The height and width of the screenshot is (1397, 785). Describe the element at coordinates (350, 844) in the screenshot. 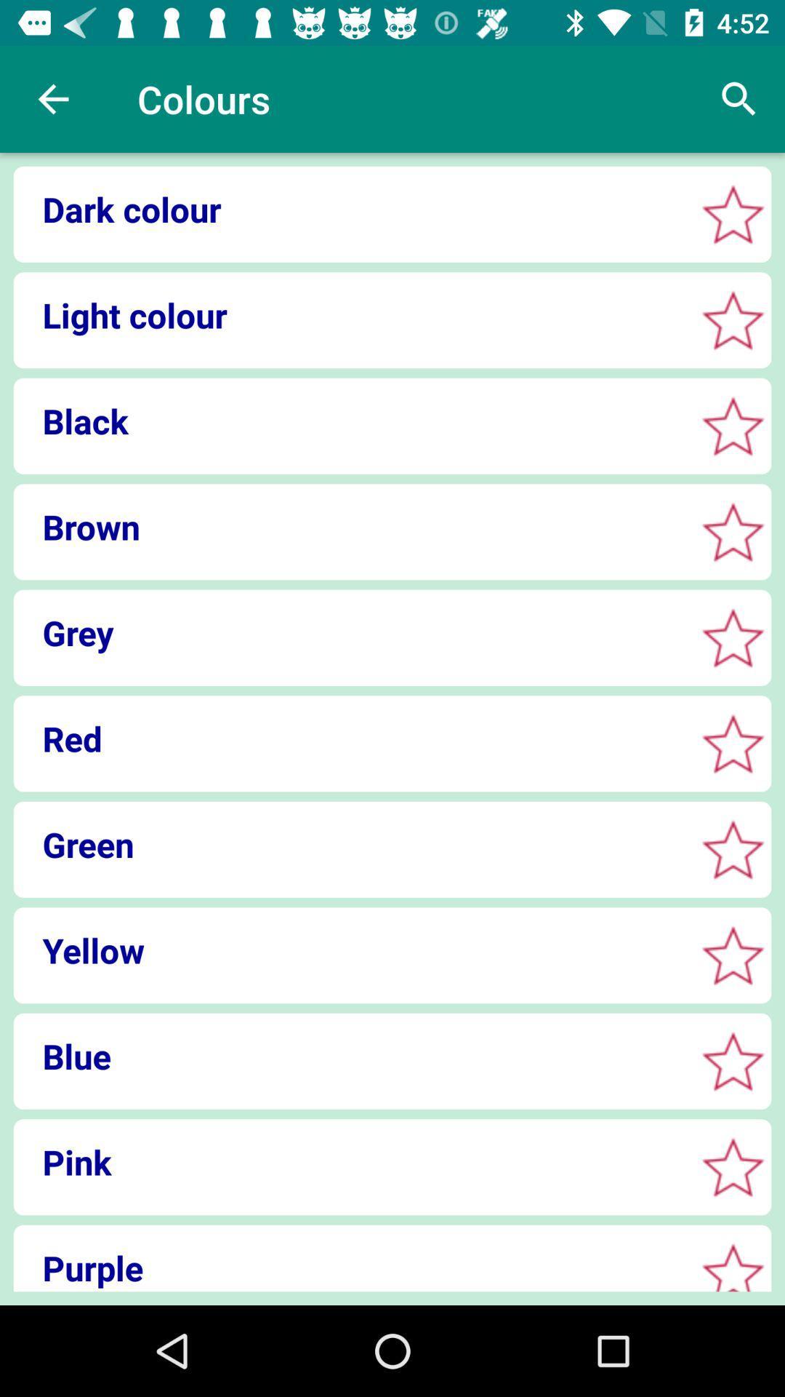

I see `green` at that location.